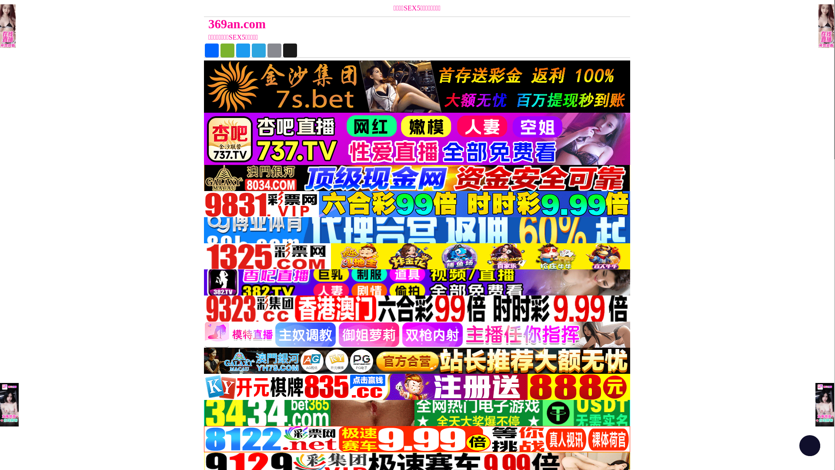 The height and width of the screenshot is (470, 835). I want to click on 'X', so click(290, 50).